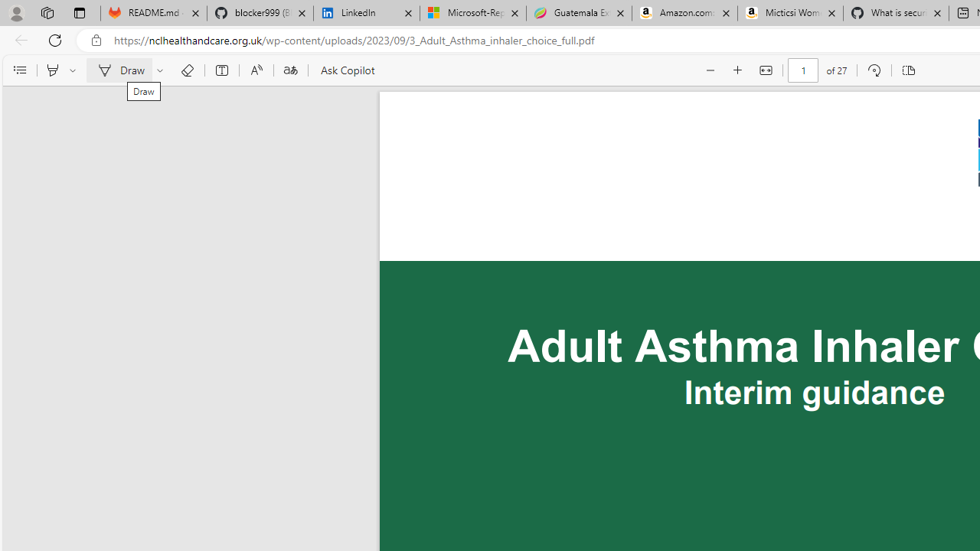 The image size is (980, 551). What do you see at coordinates (118, 70) in the screenshot?
I see `'Draw'` at bounding box center [118, 70].